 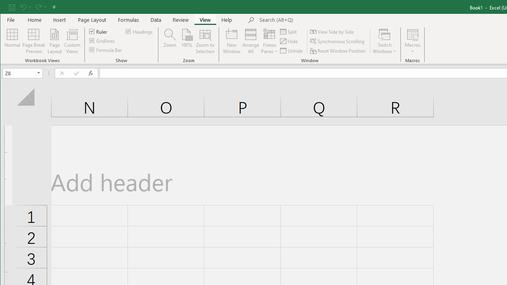 What do you see at coordinates (269, 41) in the screenshot?
I see `'Freeze Panes'` at bounding box center [269, 41].